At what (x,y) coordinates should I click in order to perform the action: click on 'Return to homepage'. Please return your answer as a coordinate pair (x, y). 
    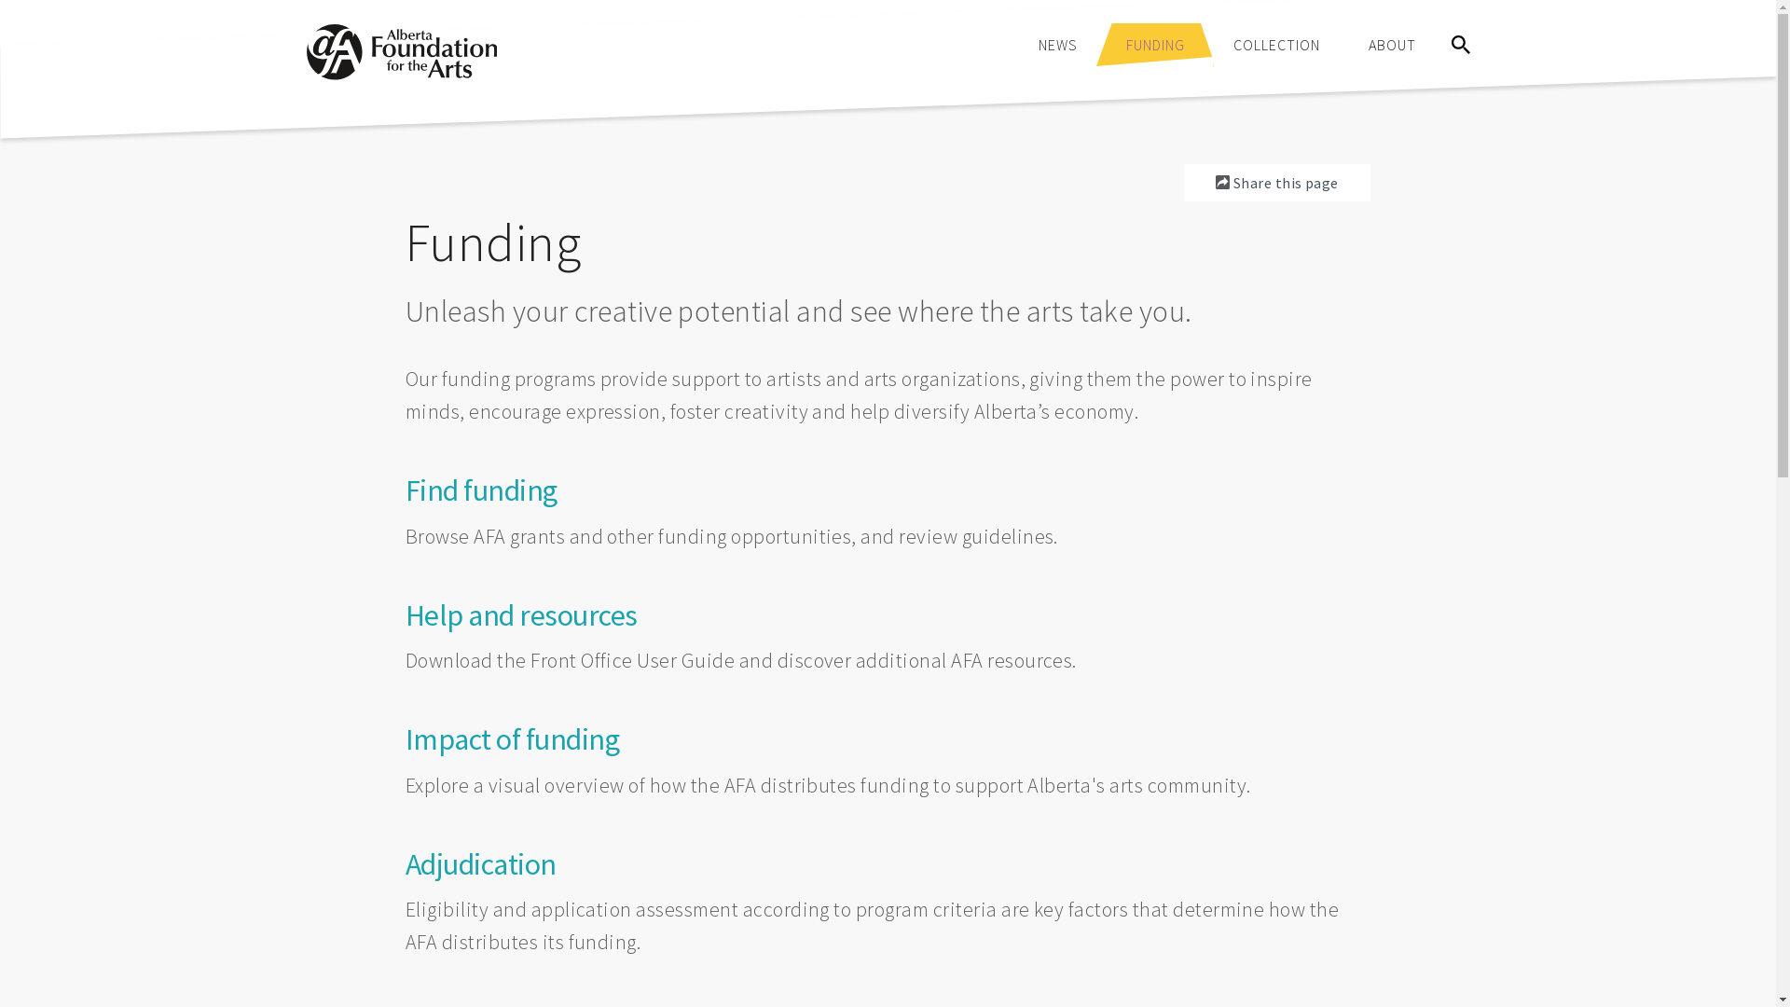
    Looking at the image, I should click on (400, 74).